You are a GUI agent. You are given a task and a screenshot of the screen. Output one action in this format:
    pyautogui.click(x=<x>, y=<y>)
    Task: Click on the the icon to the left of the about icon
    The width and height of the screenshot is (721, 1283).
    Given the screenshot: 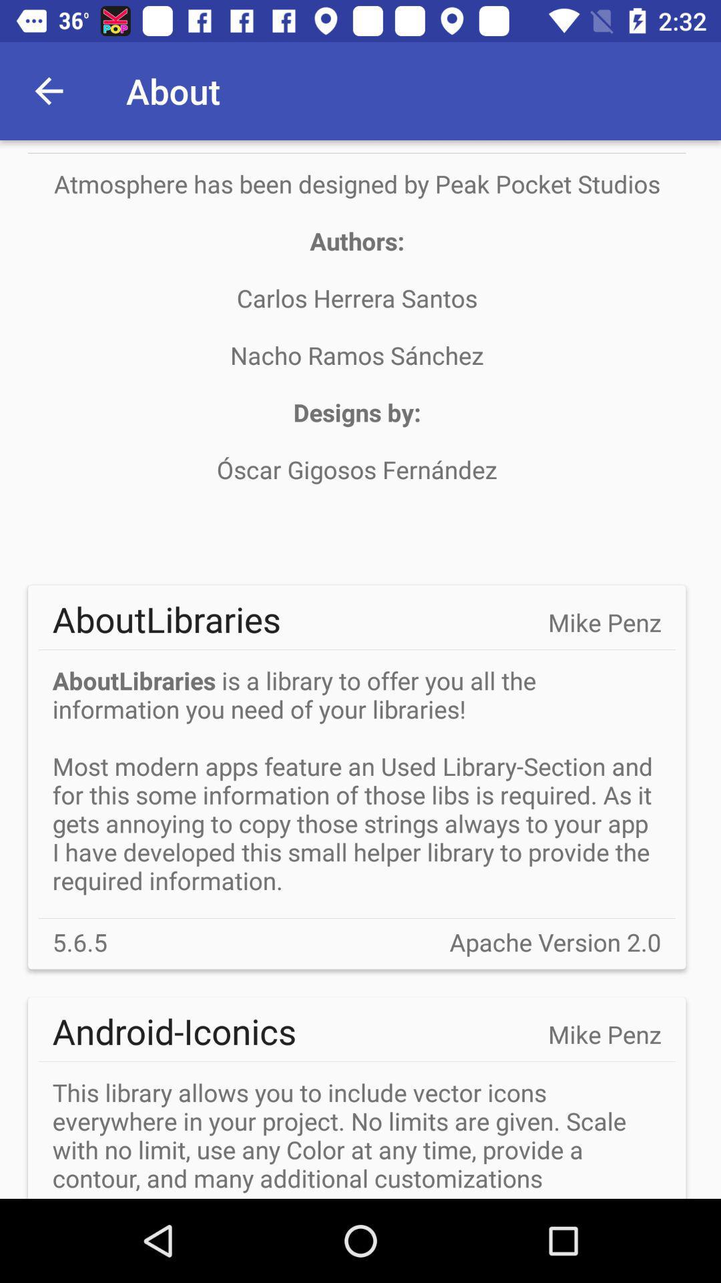 What is the action you would take?
    pyautogui.click(x=48, y=90)
    